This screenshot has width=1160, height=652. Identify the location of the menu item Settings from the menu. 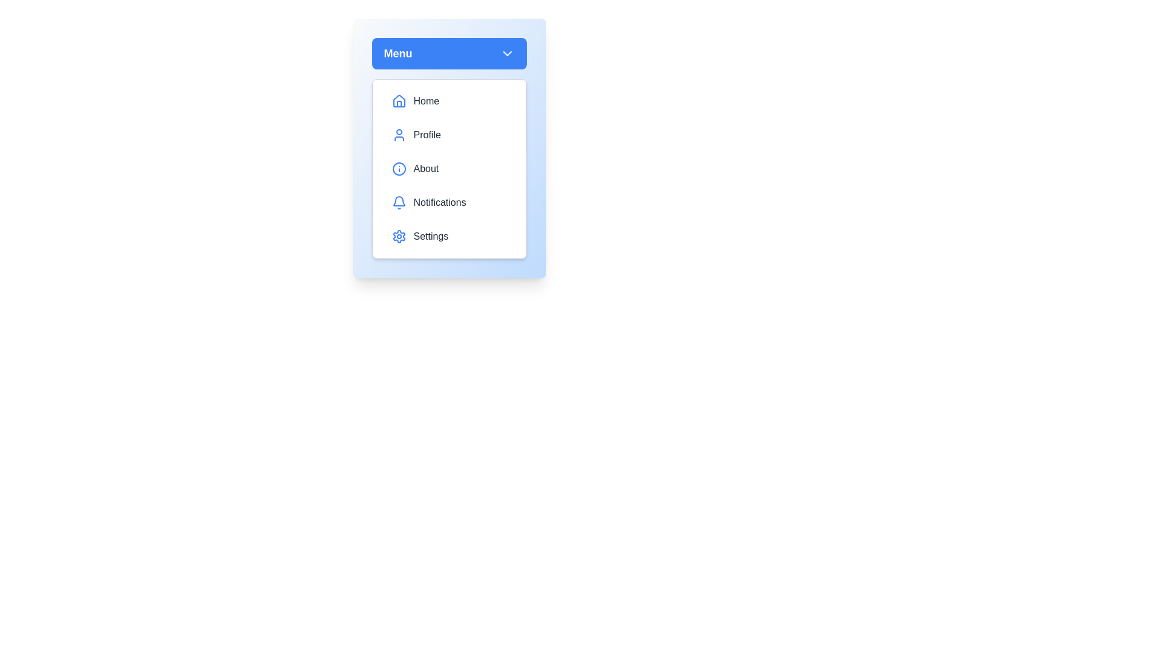
(448, 237).